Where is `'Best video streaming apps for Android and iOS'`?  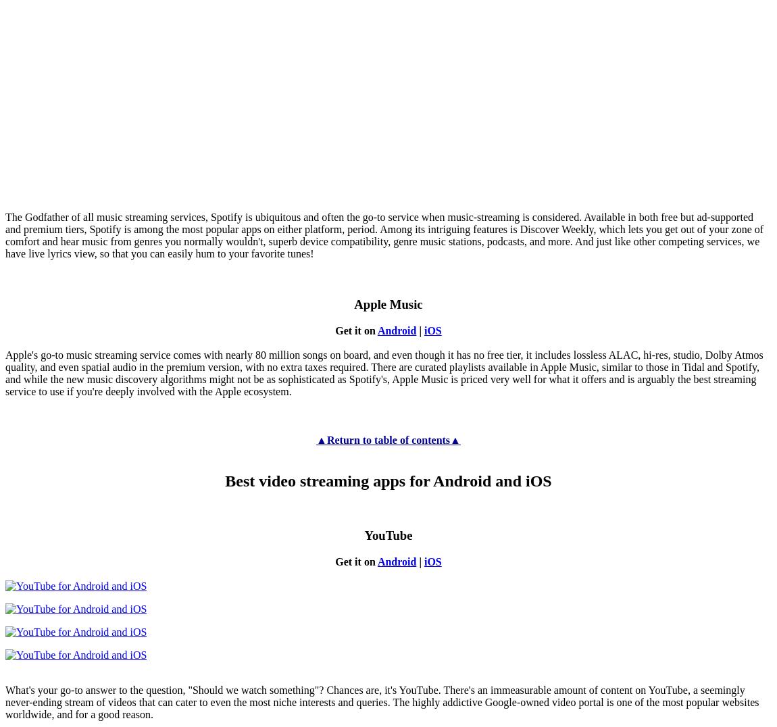 'Best video streaming apps for Android and iOS' is located at coordinates (388, 480).